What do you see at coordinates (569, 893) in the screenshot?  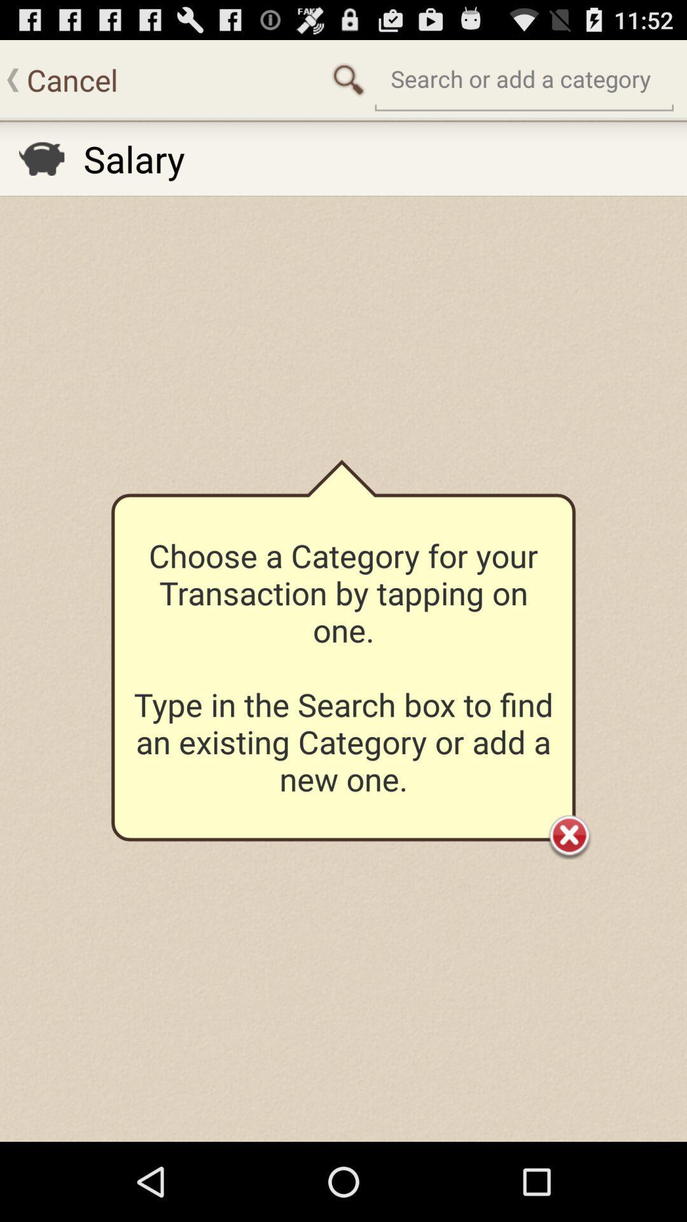 I see `the close icon` at bounding box center [569, 893].